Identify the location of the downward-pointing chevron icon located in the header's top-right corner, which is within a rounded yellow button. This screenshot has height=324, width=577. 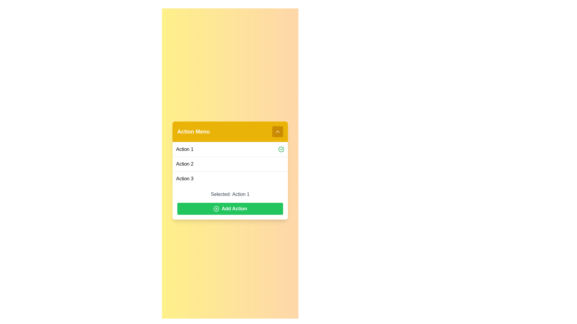
(277, 131).